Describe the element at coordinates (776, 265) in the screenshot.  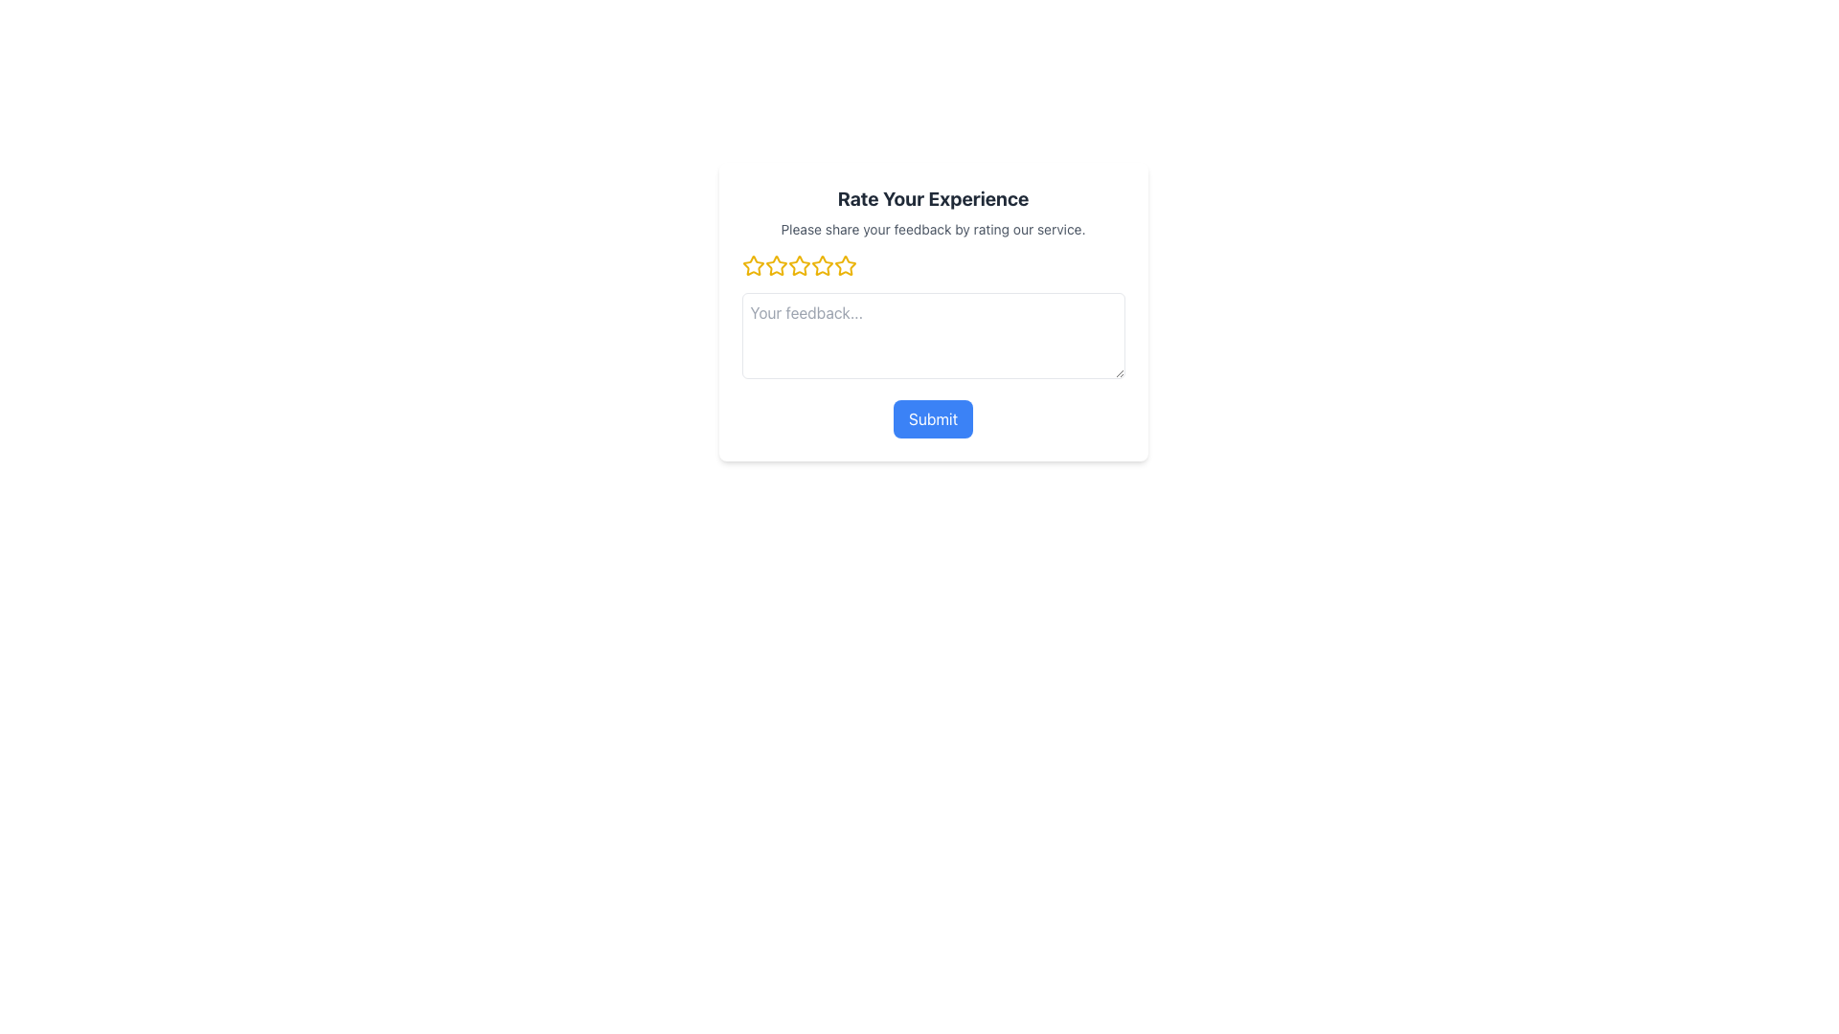
I see `the second yellow star-shaped icon in the rating system` at that location.